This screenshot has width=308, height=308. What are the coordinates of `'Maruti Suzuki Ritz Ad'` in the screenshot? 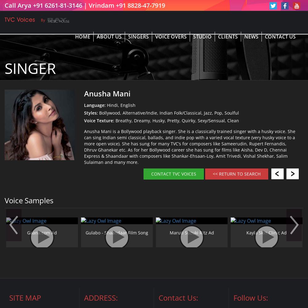 It's located at (191, 233).